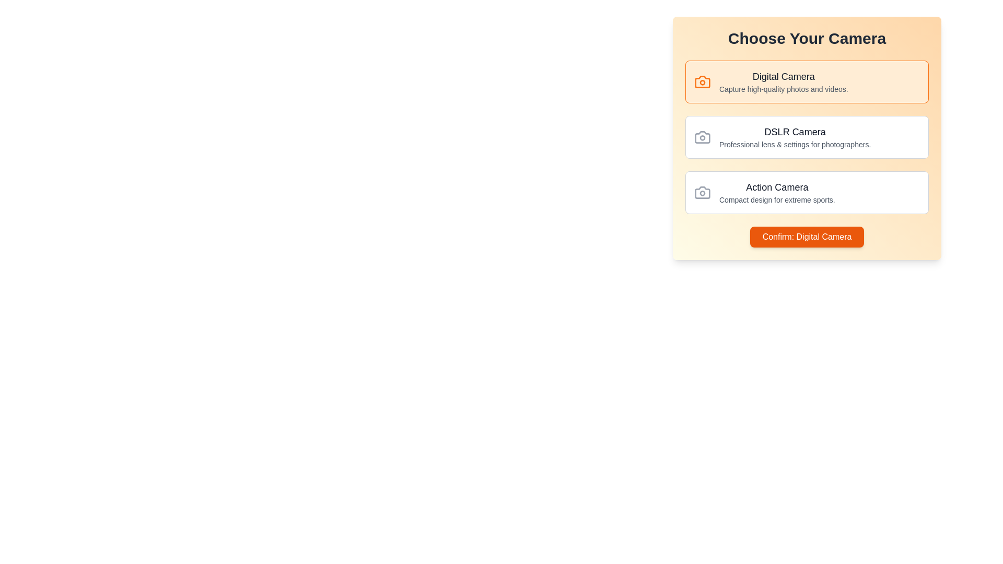 The height and width of the screenshot is (564, 1003). Describe the element at coordinates (702, 136) in the screenshot. I see `the decorative icon that signifies the 'DSLR Camera' option in the 'Choose Your Camera' section located at the top-left corner of the button` at that location.